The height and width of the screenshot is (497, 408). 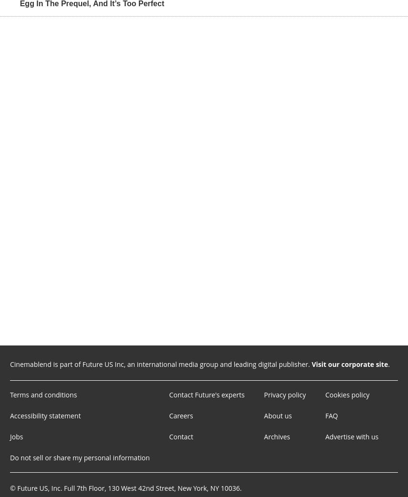 What do you see at coordinates (16, 436) in the screenshot?
I see `'Jobs'` at bounding box center [16, 436].